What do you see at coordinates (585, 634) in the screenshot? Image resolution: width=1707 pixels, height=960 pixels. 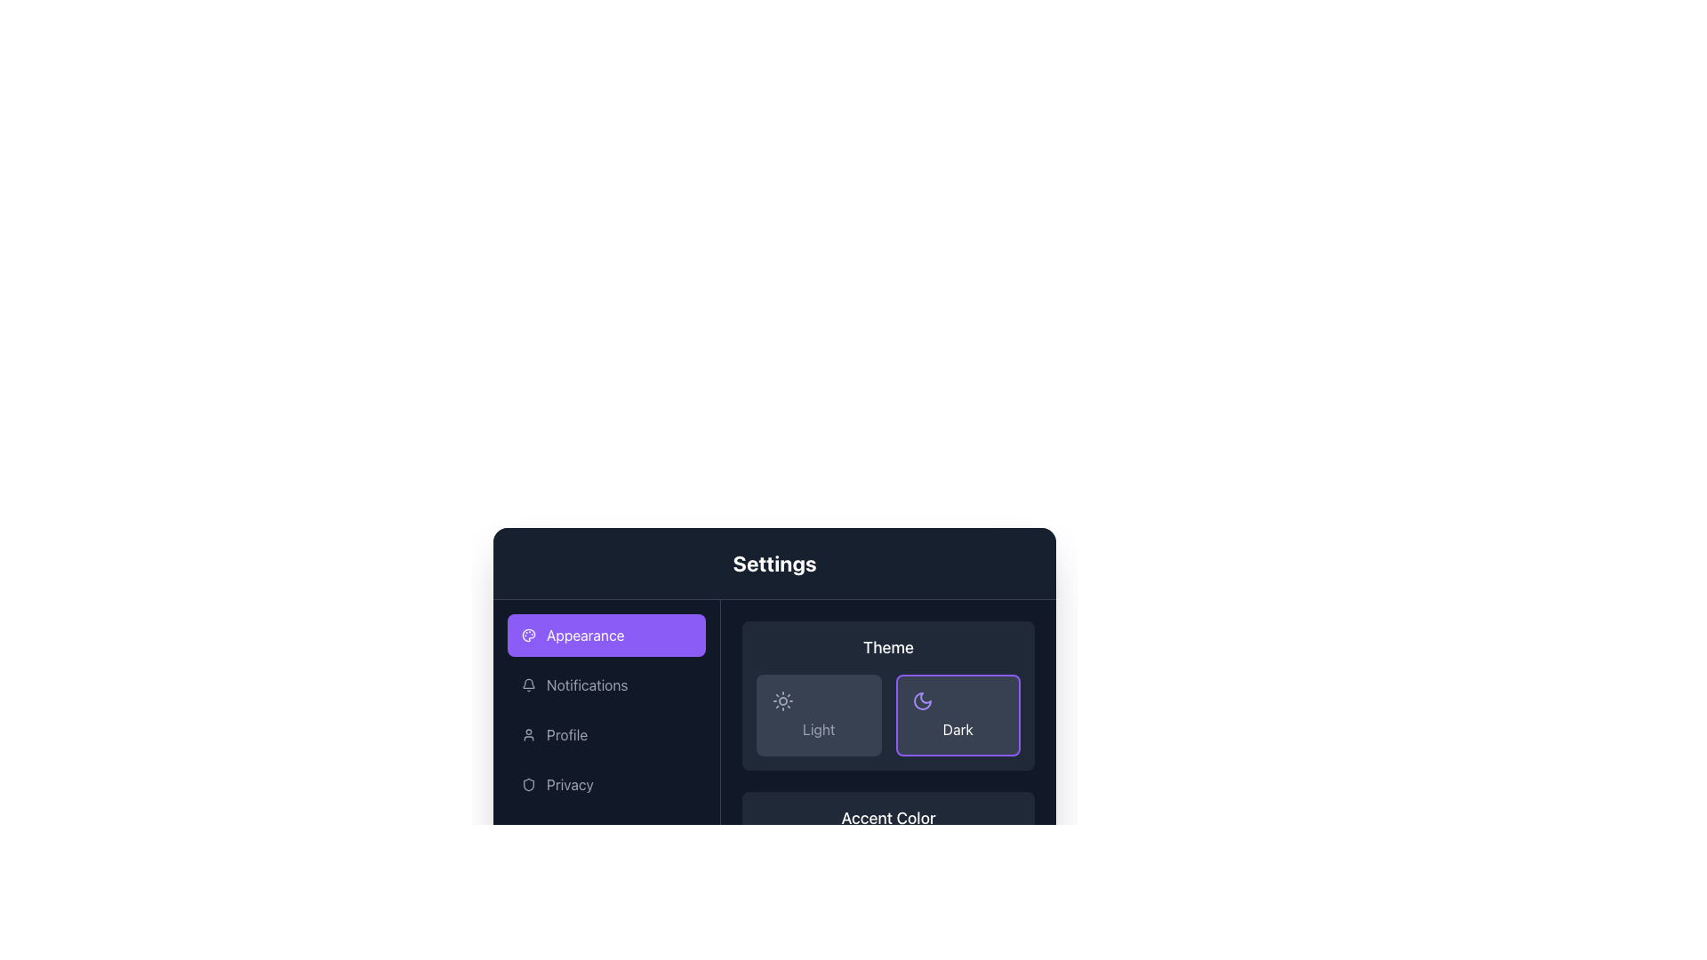 I see `text of the 'Appearance' label in the sidebar navigation menu, which indicates the functionality of the button for customizing appearance-related settings` at bounding box center [585, 634].